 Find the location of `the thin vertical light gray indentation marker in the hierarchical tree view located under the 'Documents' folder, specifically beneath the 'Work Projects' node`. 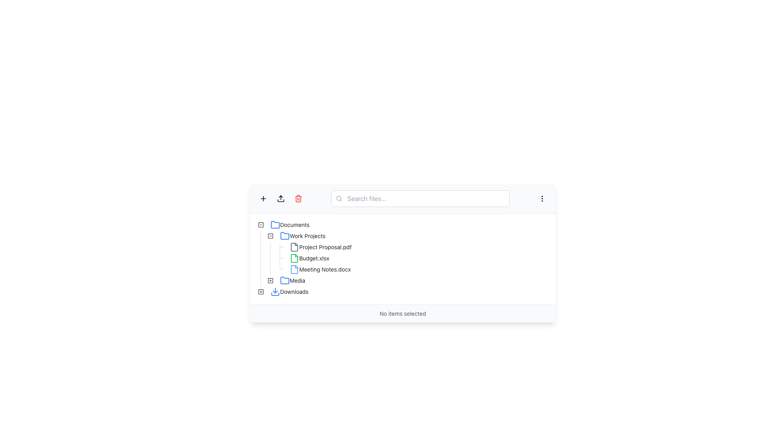

the thin vertical light gray indentation marker in the hierarchical tree view located under the 'Documents' folder, specifically beneath the 'Work Projects' node is located at coordinates (261, 258).